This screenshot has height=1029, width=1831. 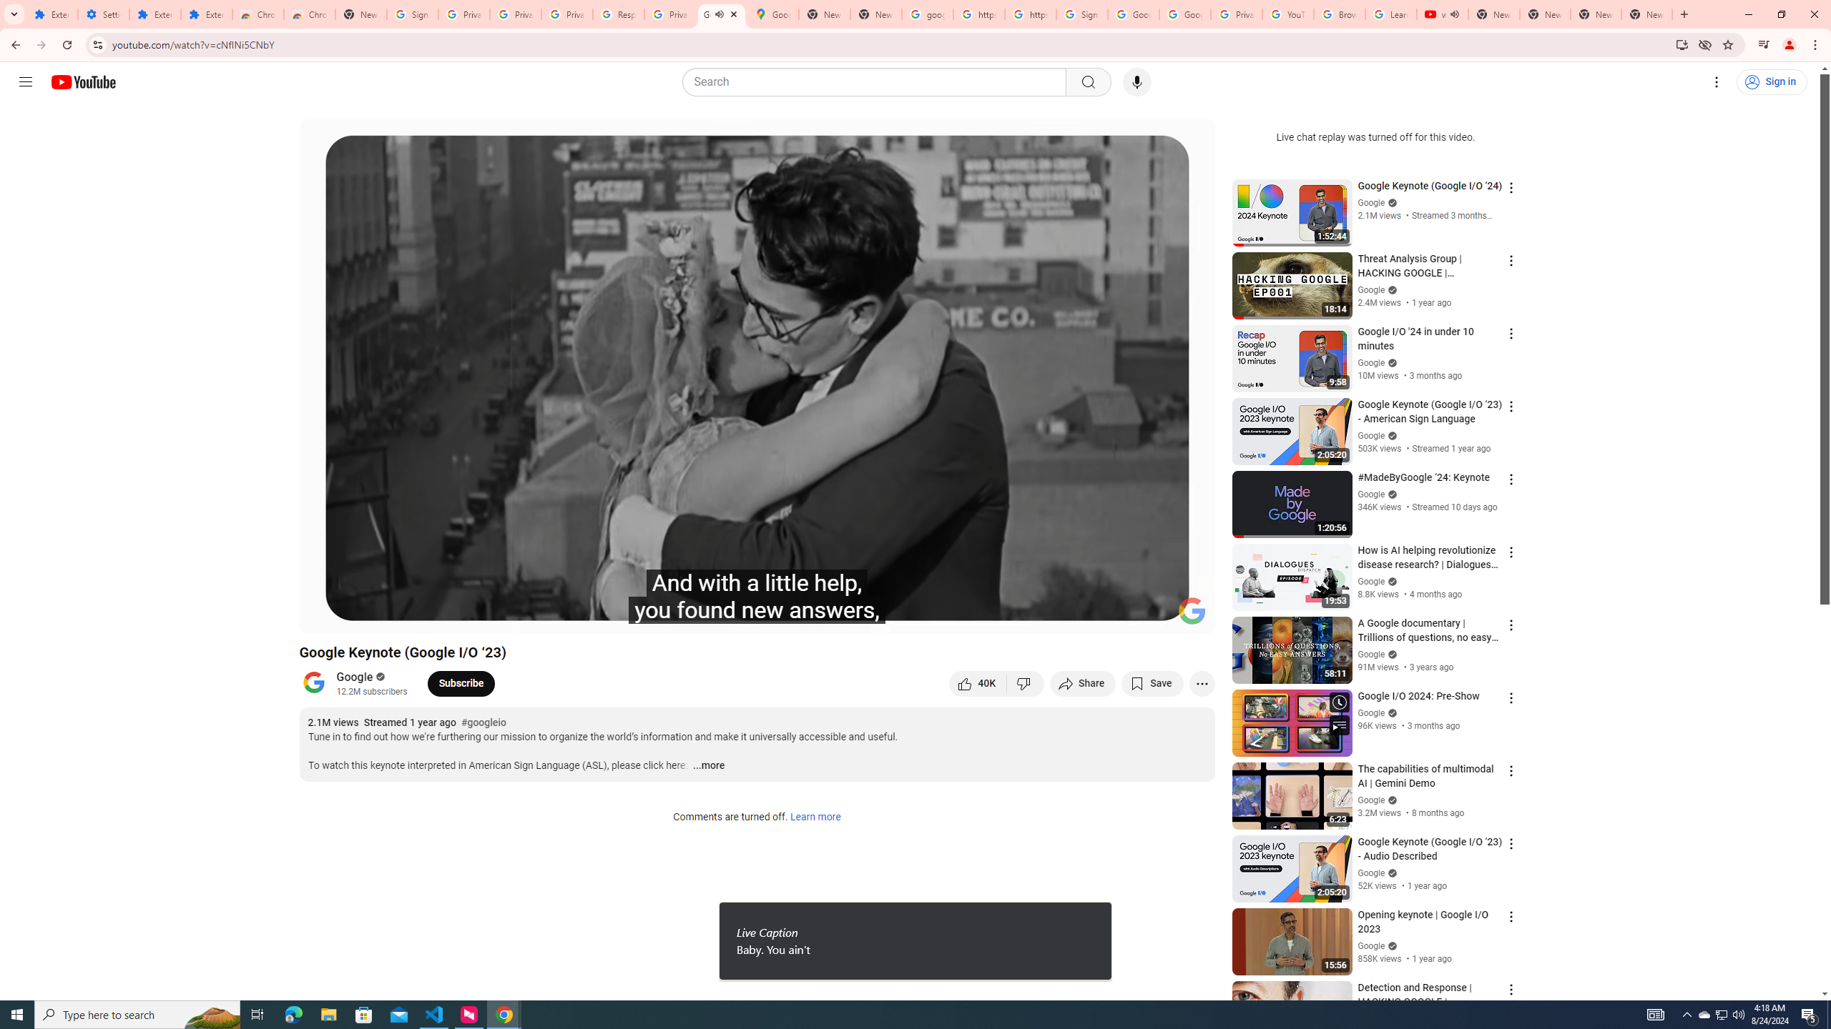 I want to click on 'Mute (m)', so click(x=393, y=616).